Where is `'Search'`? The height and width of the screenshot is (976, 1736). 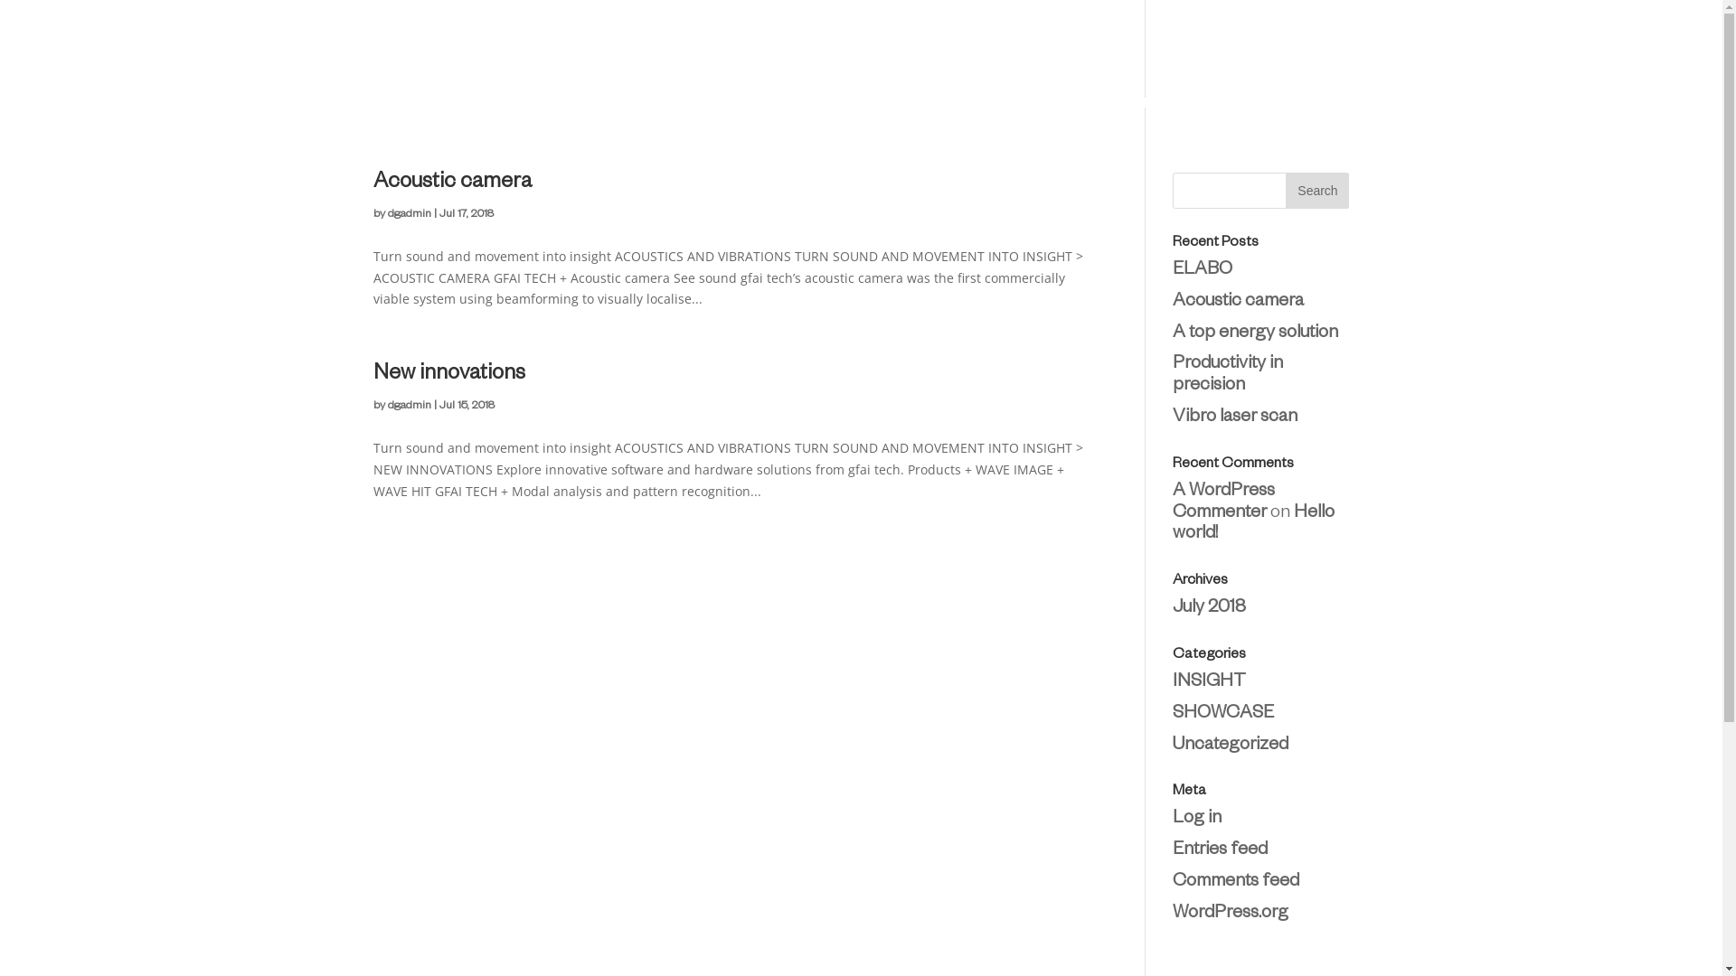 'Search' is located at coordinates (1284, 191).